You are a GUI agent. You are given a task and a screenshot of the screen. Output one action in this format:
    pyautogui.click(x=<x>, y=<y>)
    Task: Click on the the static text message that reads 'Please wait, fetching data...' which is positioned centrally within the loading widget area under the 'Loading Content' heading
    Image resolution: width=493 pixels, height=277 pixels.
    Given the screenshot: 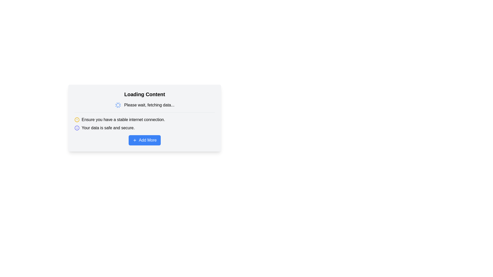 What is the action you would take?
    pyautogui.click(x=149, y=105)
    